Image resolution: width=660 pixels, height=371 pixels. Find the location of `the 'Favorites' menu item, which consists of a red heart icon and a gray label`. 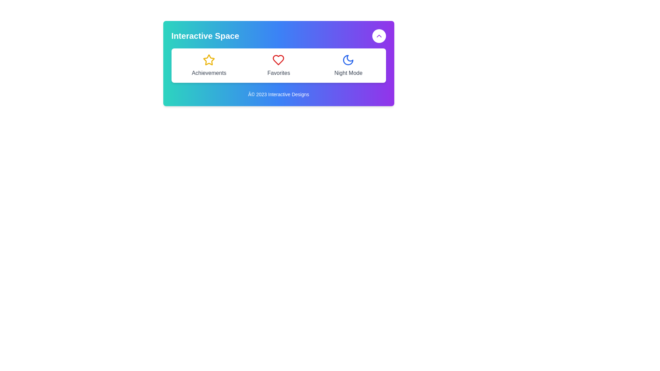

the 'Favorites' menu item, which consists of a red heart icon and a gray label is located at coordinates (278, 66).